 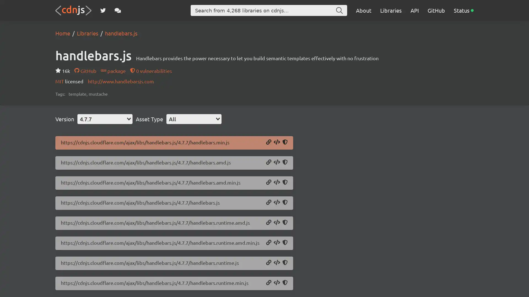 What do you see at coordinates (285, 203) in the screenshot?
I see `Copy SRI Hash` at bounding box center [285, 203].